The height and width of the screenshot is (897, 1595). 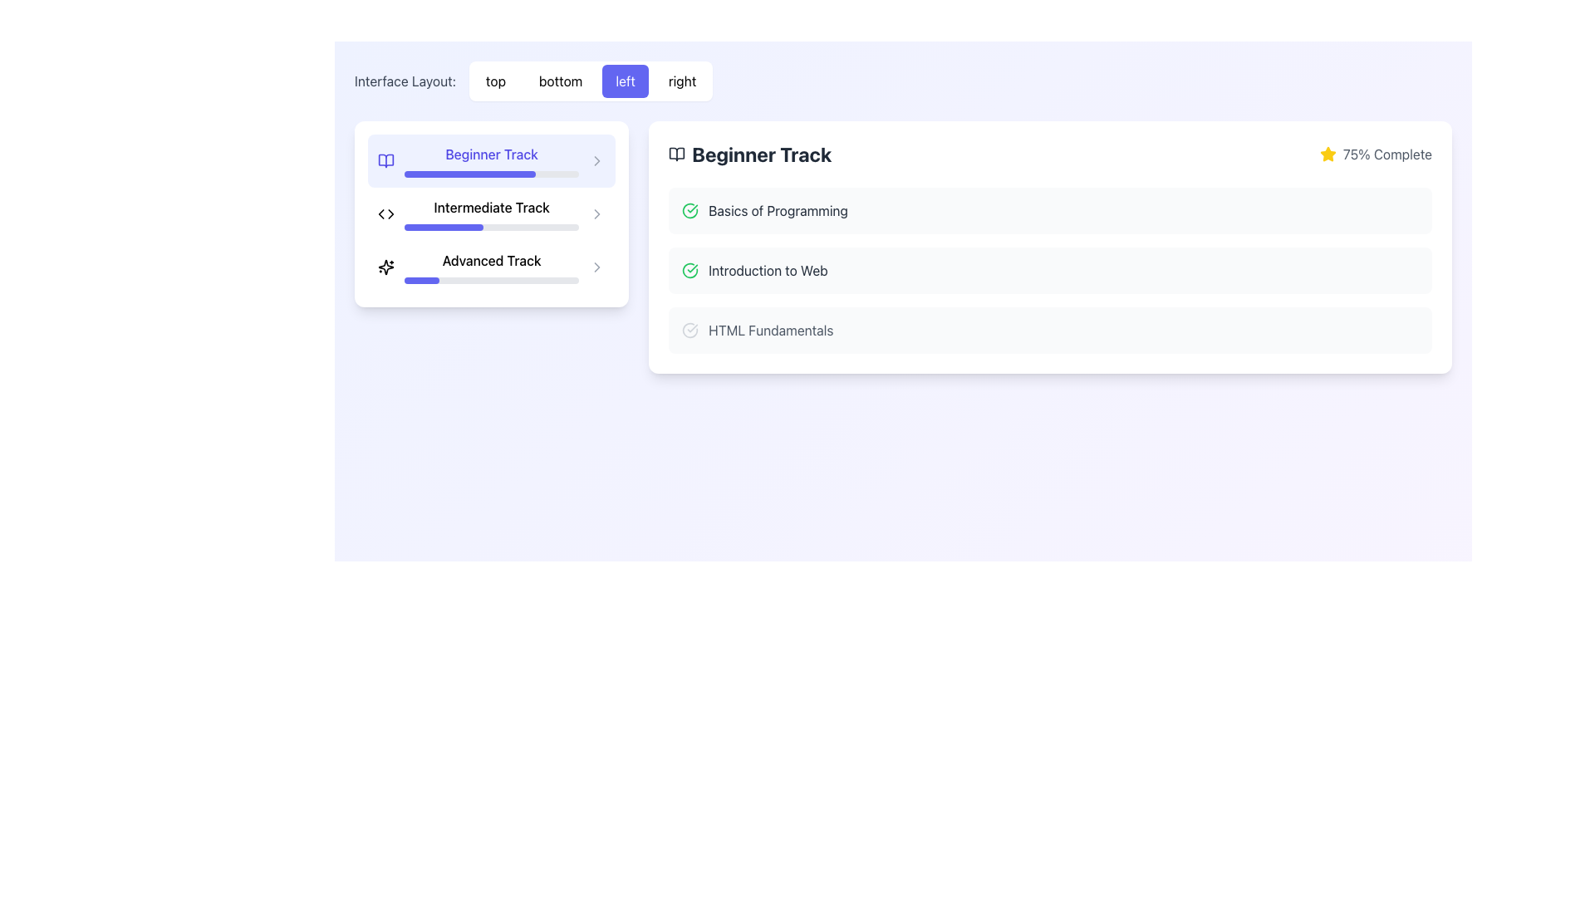 I want to click on the Progress indicator bar that shows 20% completion for the 'Advanced Track' section, located under the 'Advanced Track' text in the left panel, so click(x=422, y=280).